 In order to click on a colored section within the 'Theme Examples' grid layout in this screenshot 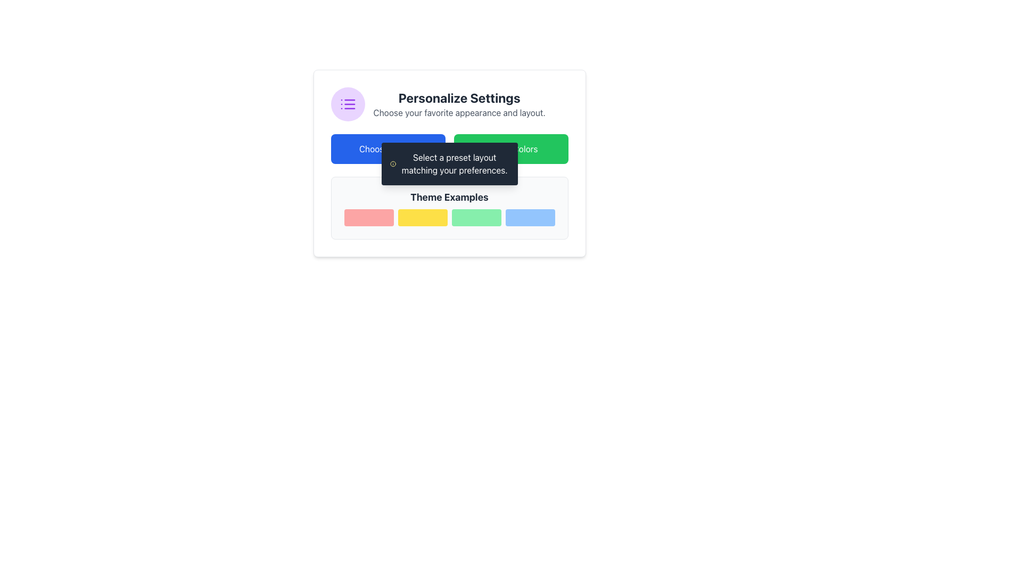, I will do `click(449, 217)`.